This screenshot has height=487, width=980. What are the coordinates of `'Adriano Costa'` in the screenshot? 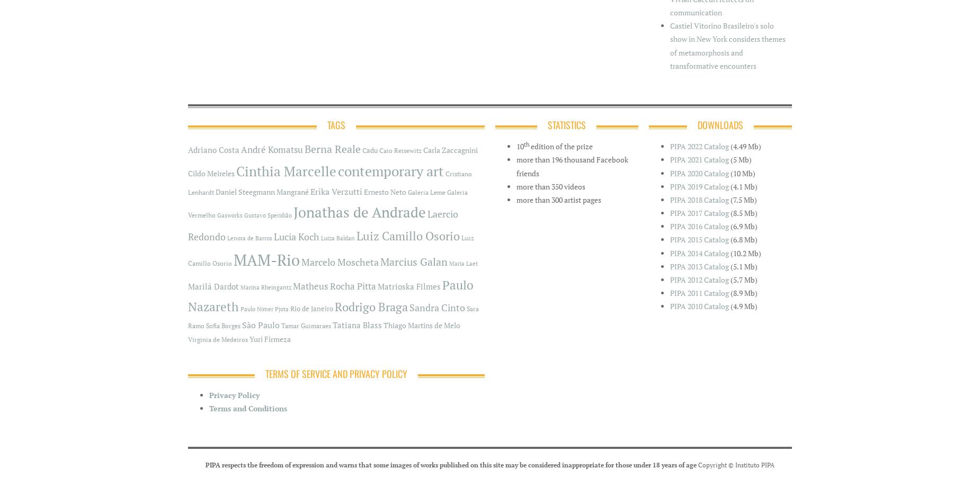 It's located at (188, 150).